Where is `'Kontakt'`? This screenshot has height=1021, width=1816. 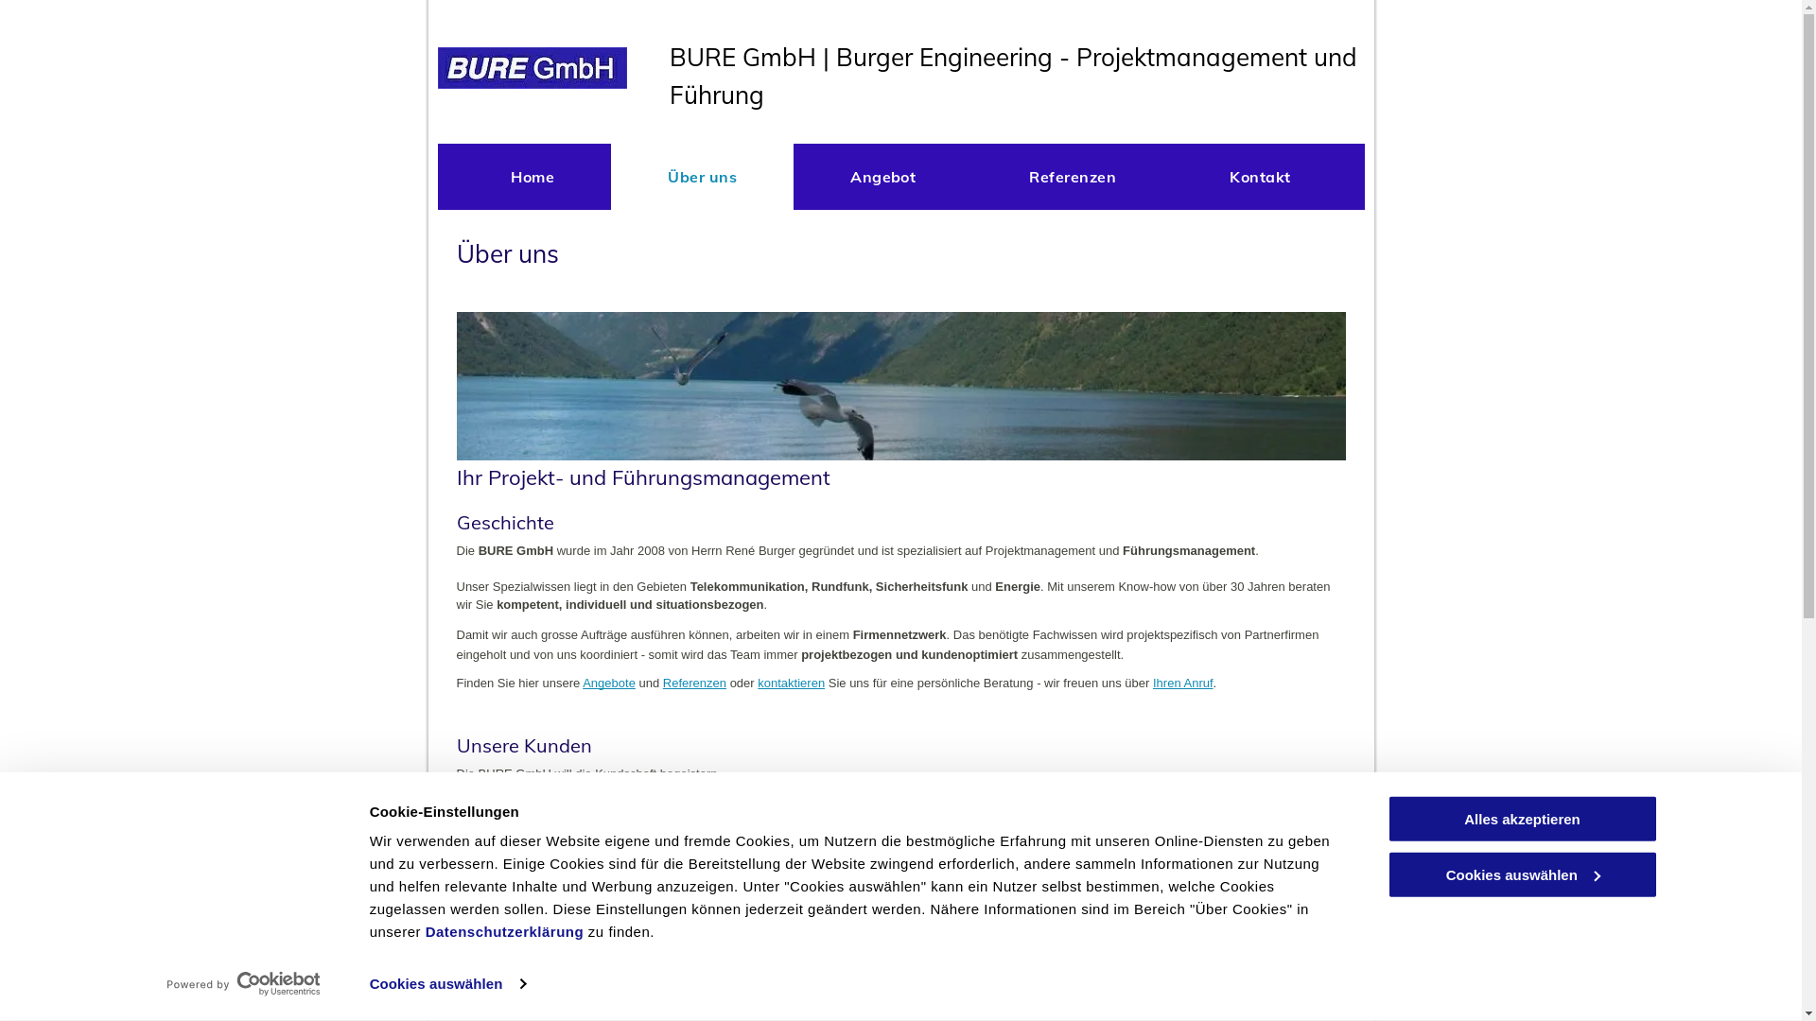
'Kontakt' is located at coordinates (1260, 176).